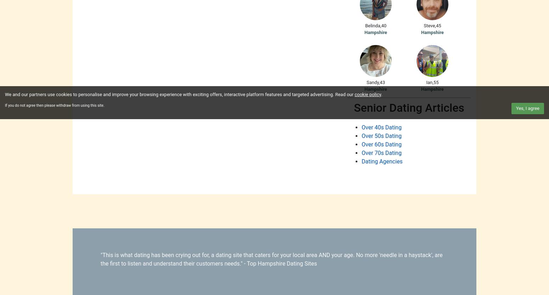 This screenshot has height=295, width=549. Describe the element at coordinates (438, 25) in the screenshot. I see `'45'` at that location.